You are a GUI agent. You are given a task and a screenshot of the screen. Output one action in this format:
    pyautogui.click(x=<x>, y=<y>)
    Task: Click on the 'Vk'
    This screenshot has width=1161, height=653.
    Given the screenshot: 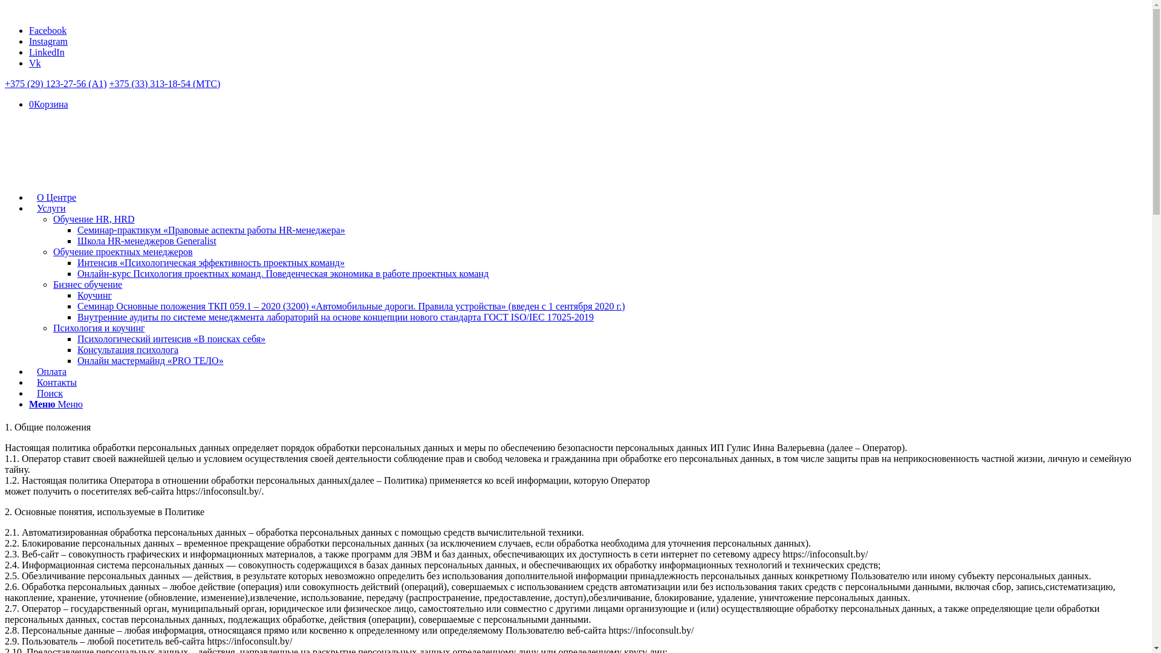 What is the action you would take?
    pyautogui.click(x=34, y=63)
    